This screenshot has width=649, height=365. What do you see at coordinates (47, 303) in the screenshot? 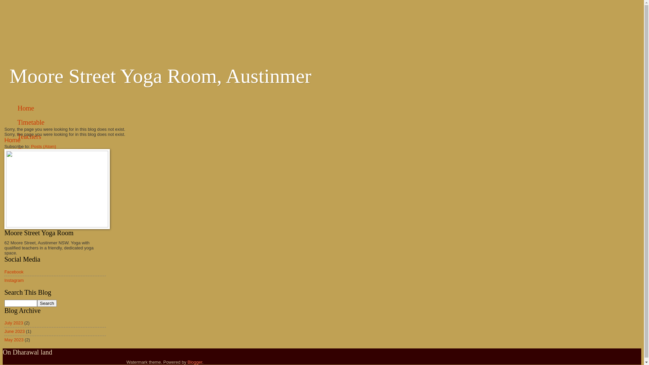
I see `'Search'` at bounding box center [47, 303].